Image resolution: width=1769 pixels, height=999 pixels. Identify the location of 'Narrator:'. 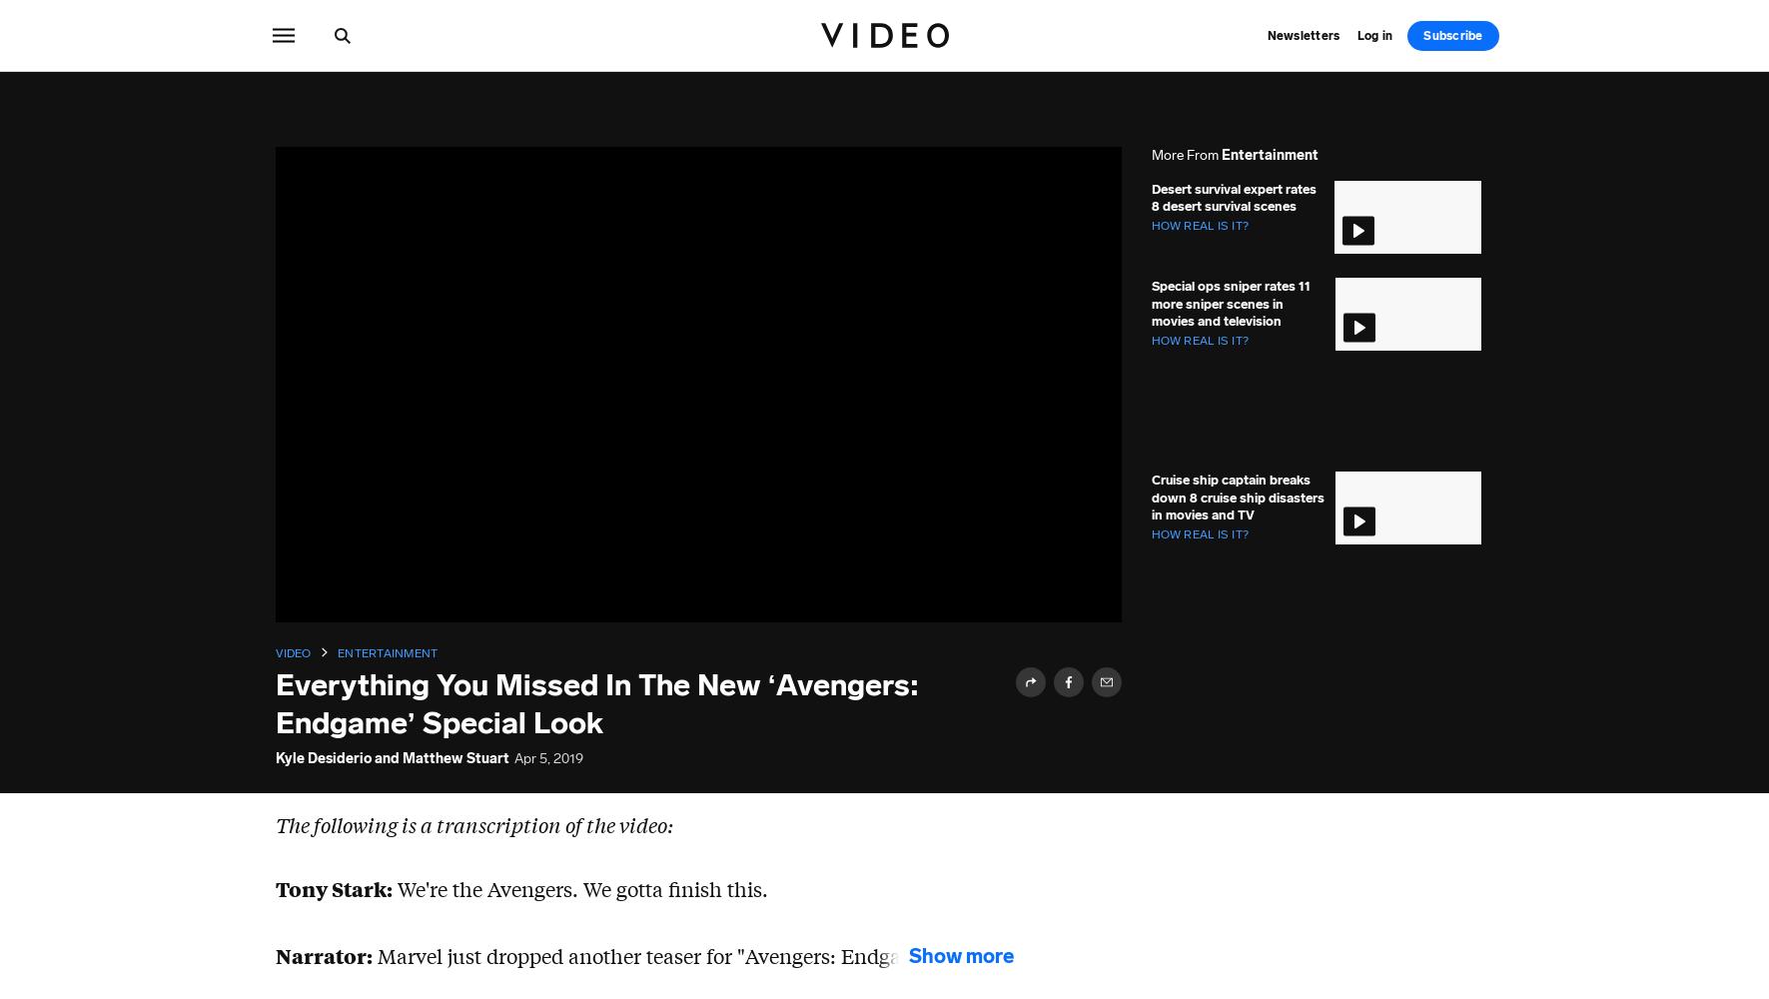
(322, 953).